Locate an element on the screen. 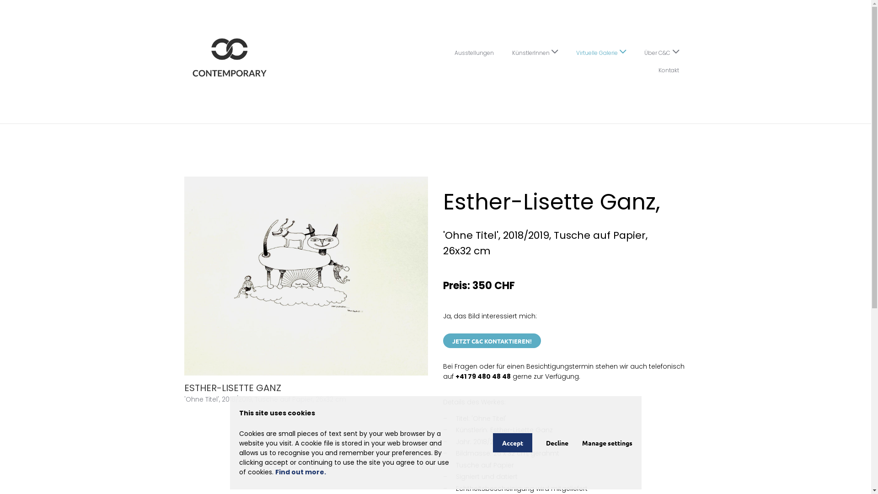 This screenshot has width=878, height=494. 'Manage settings' is located at coordinates (581, 442).